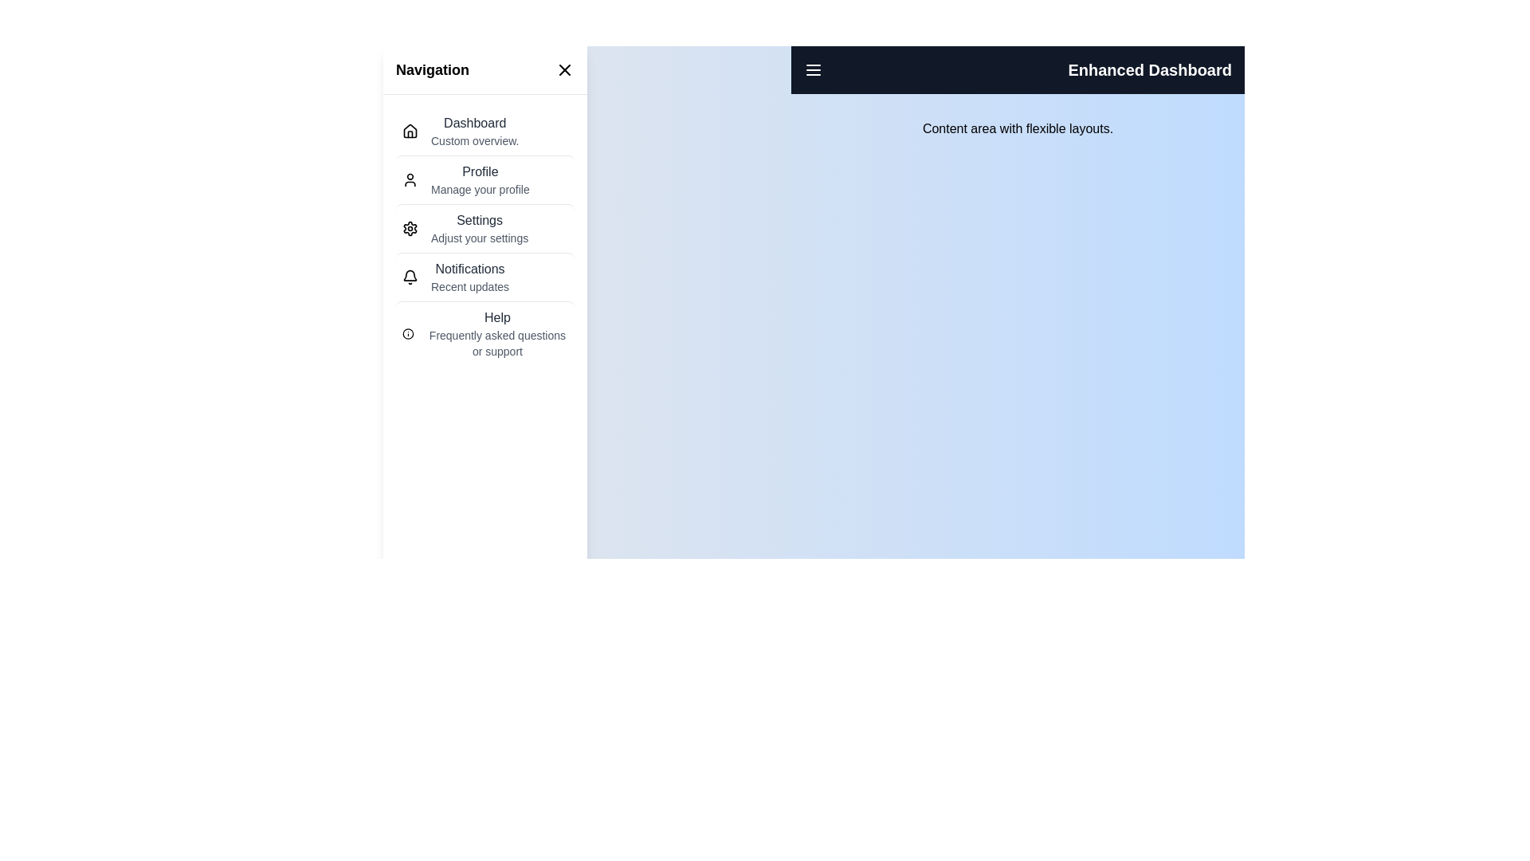 This screenshot has height=861, width=1530. What do you see at coordinates (496, 333) in the screenshot?
I see `the 'Help' navigational list item, which is the fifth item in the left-side navigation panel` at bounding box center [496, 333].